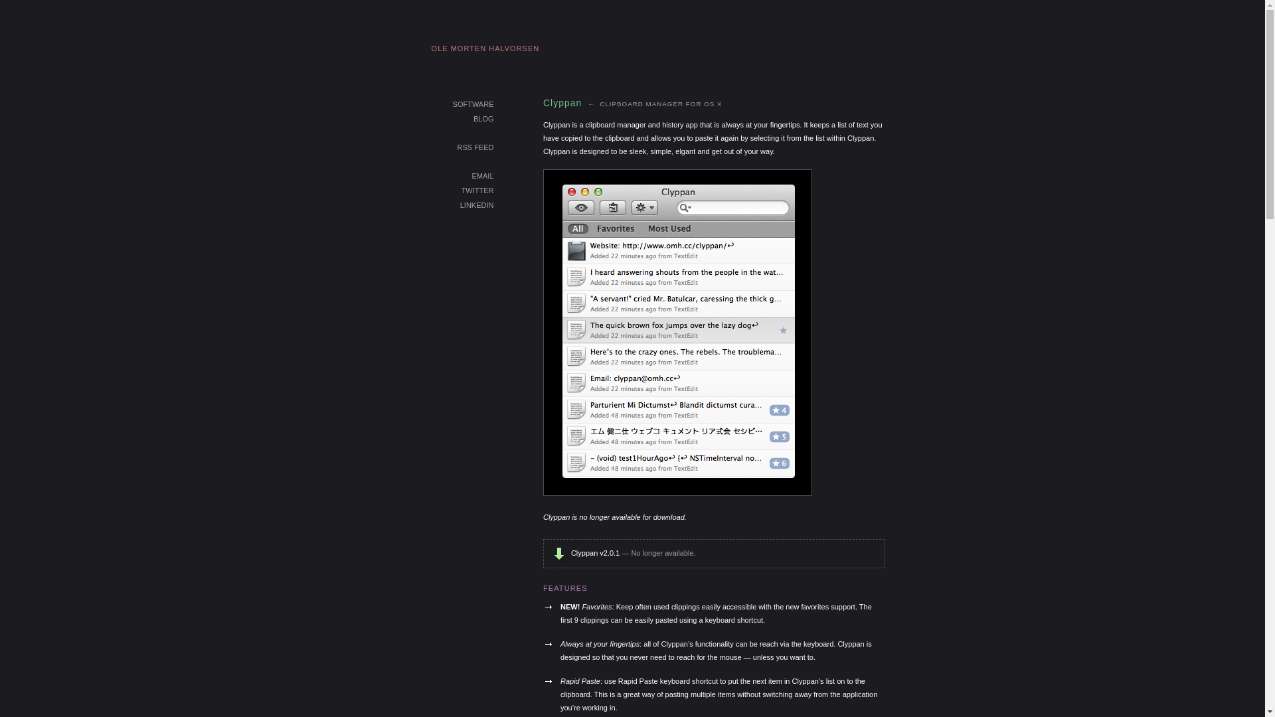  Describe the element at coordinates (483, 119) in the screenshot. I see `'BLOG'` at that location.